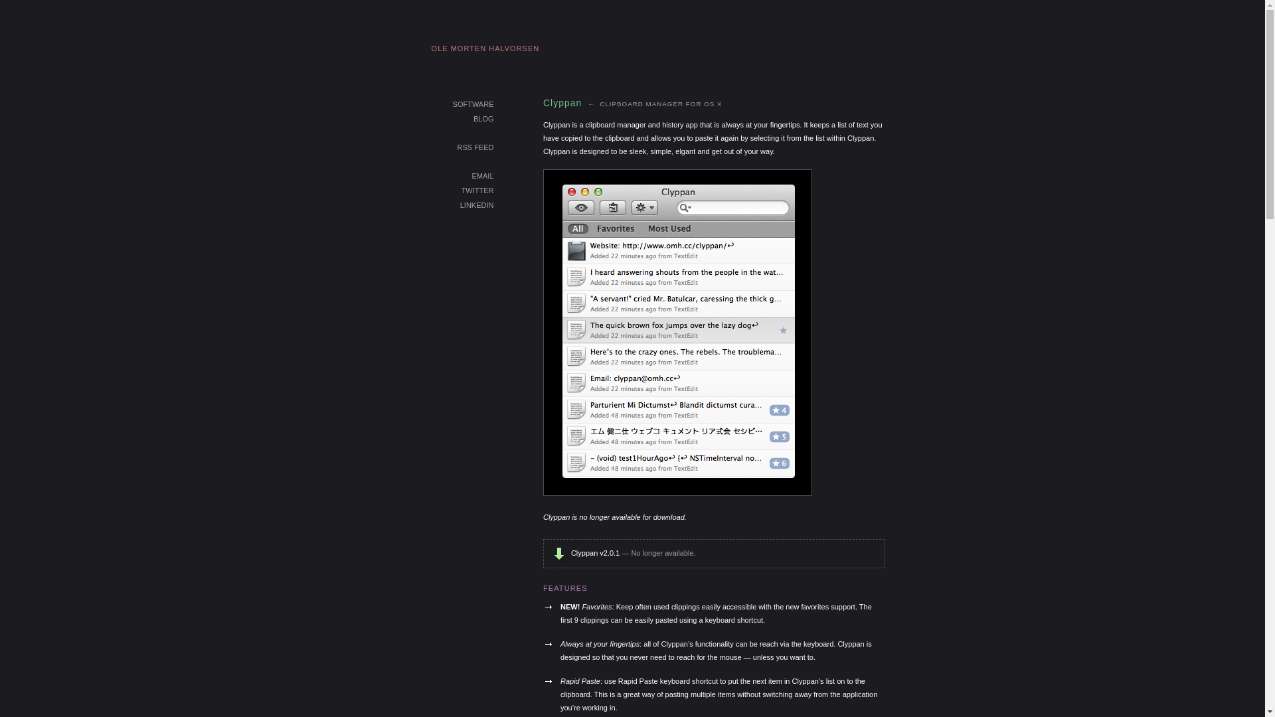  Describe the element at coordinates (483, 119) in the screenshot. I see `'BLOG'` at that location.